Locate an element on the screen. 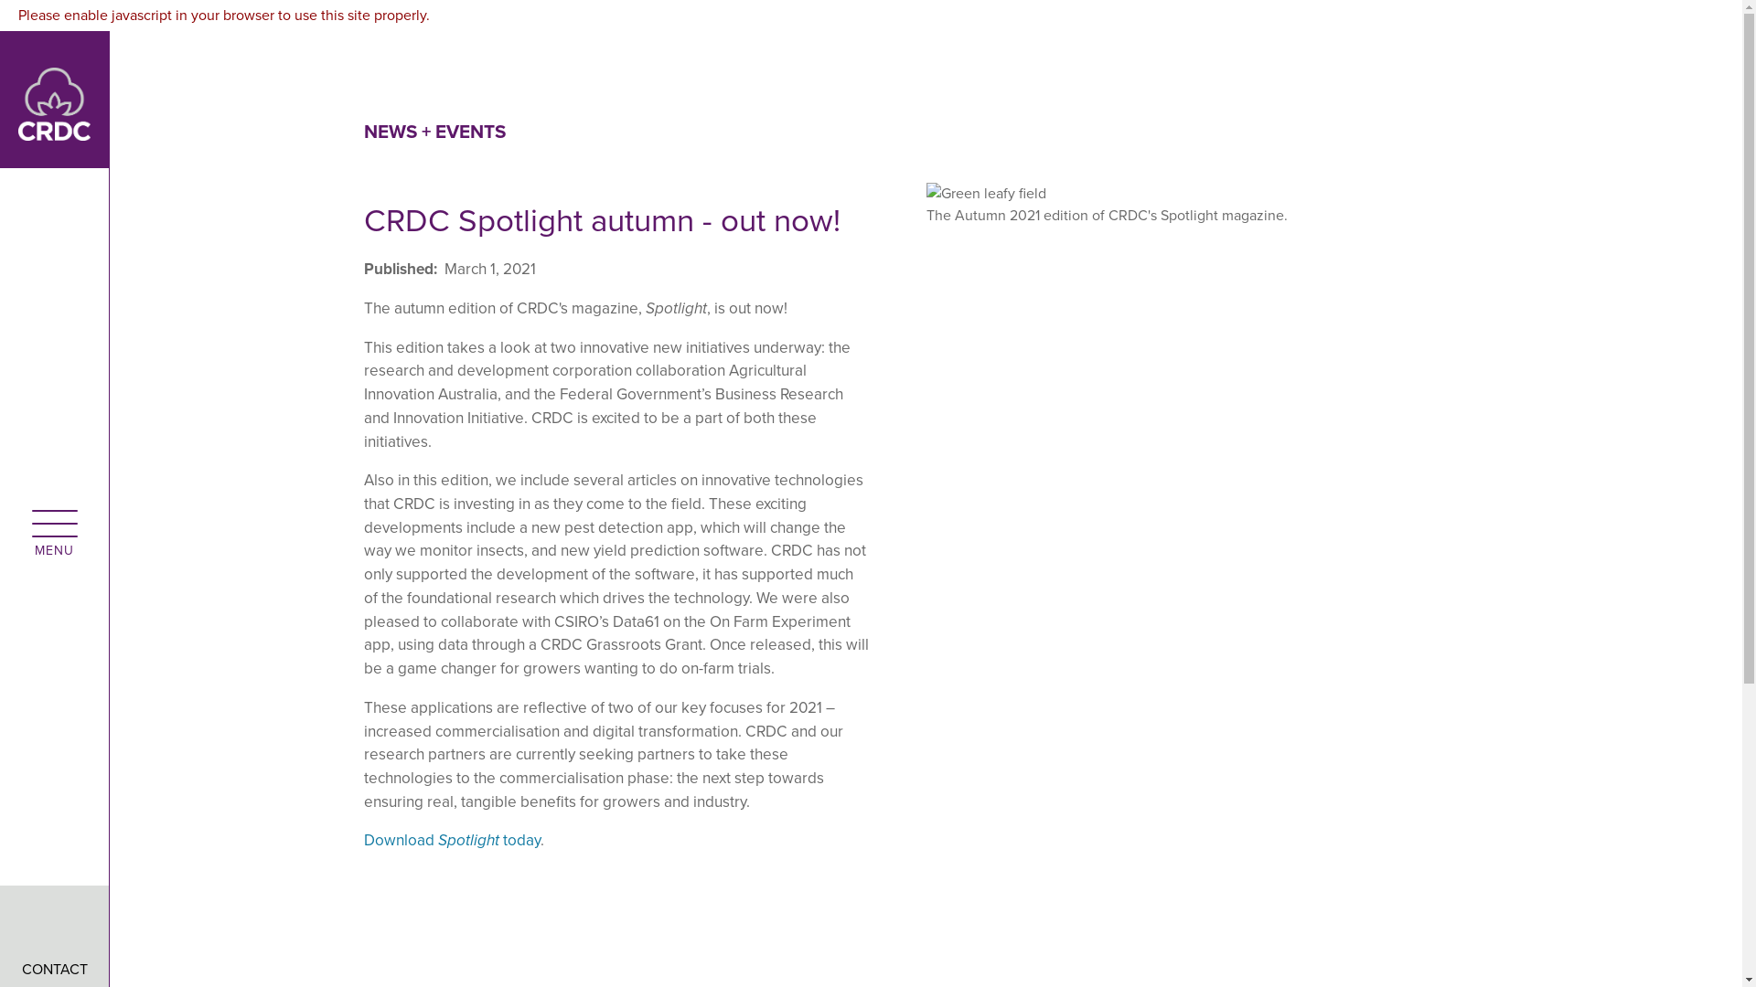  'open menu' is located at coordinates (53, 521).